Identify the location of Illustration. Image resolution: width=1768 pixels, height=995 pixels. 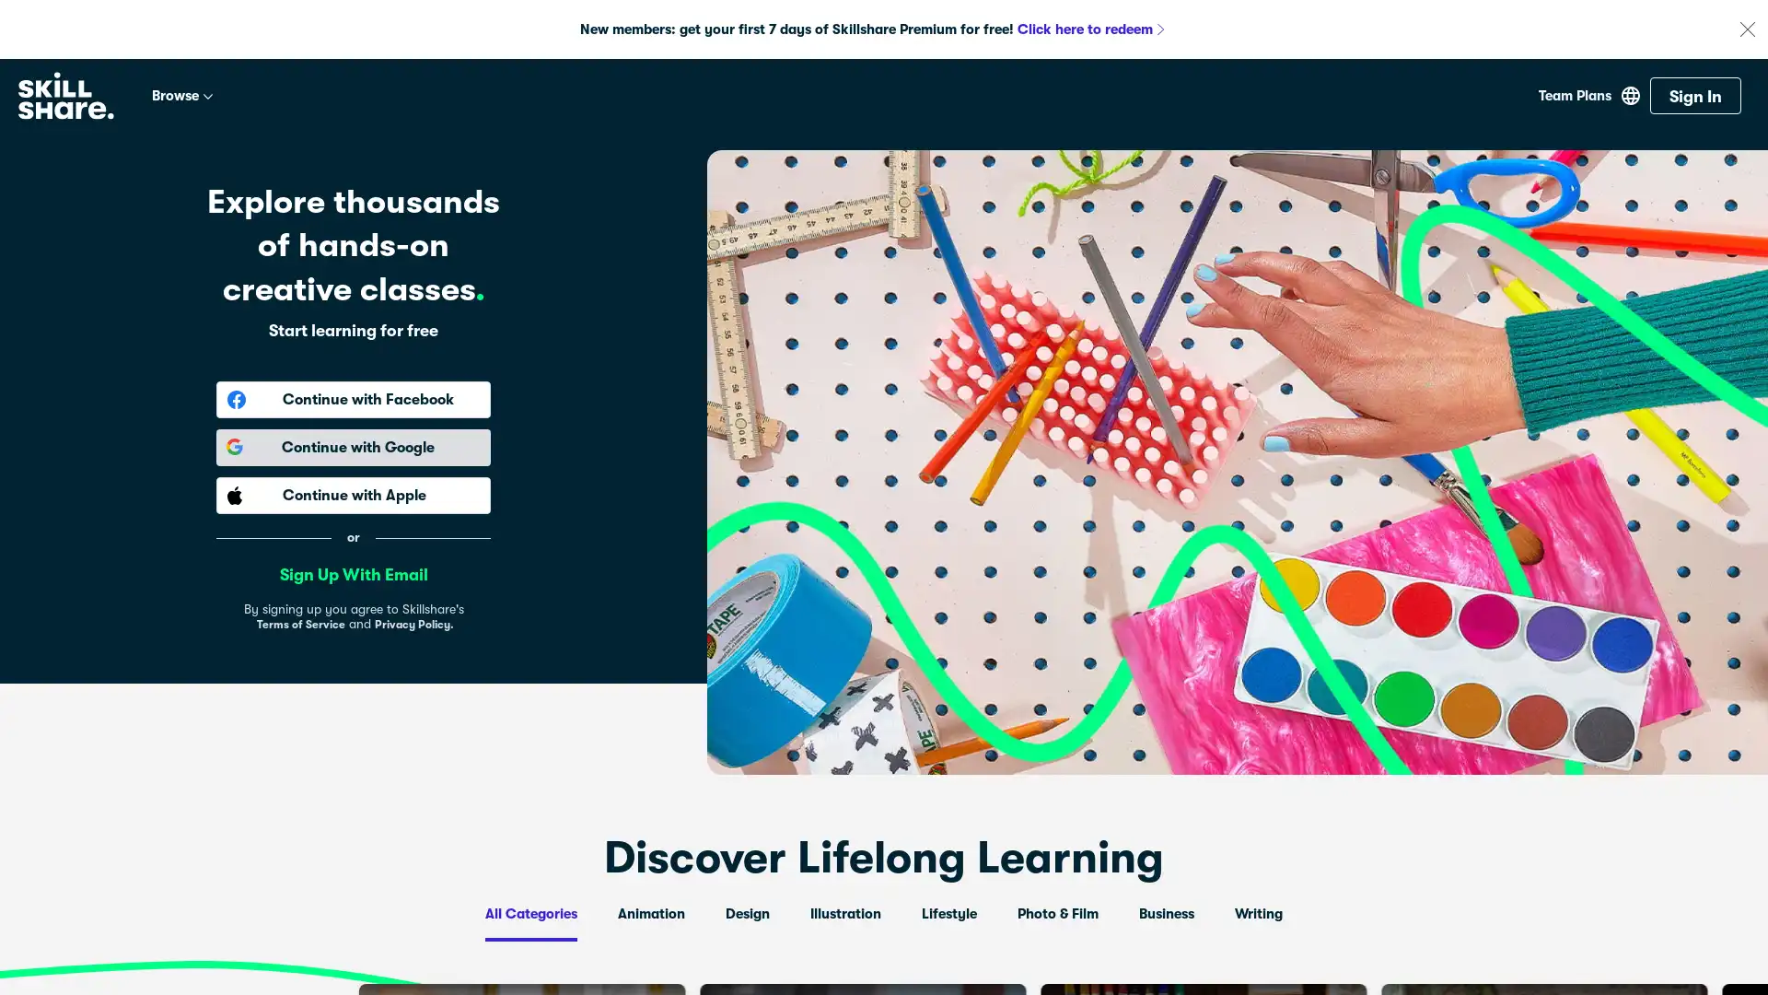
(844, 919).